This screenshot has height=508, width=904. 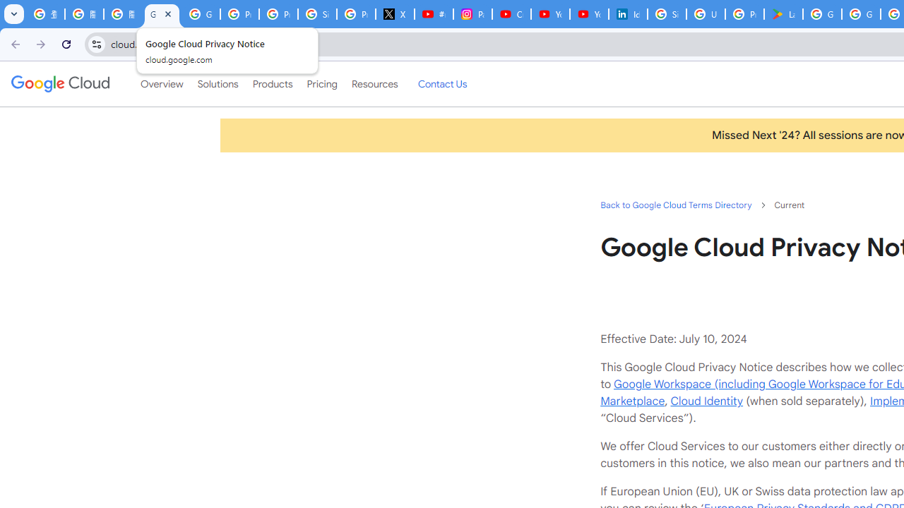 I want to click on 'Cloud Identity', so click(x=706, y=401).